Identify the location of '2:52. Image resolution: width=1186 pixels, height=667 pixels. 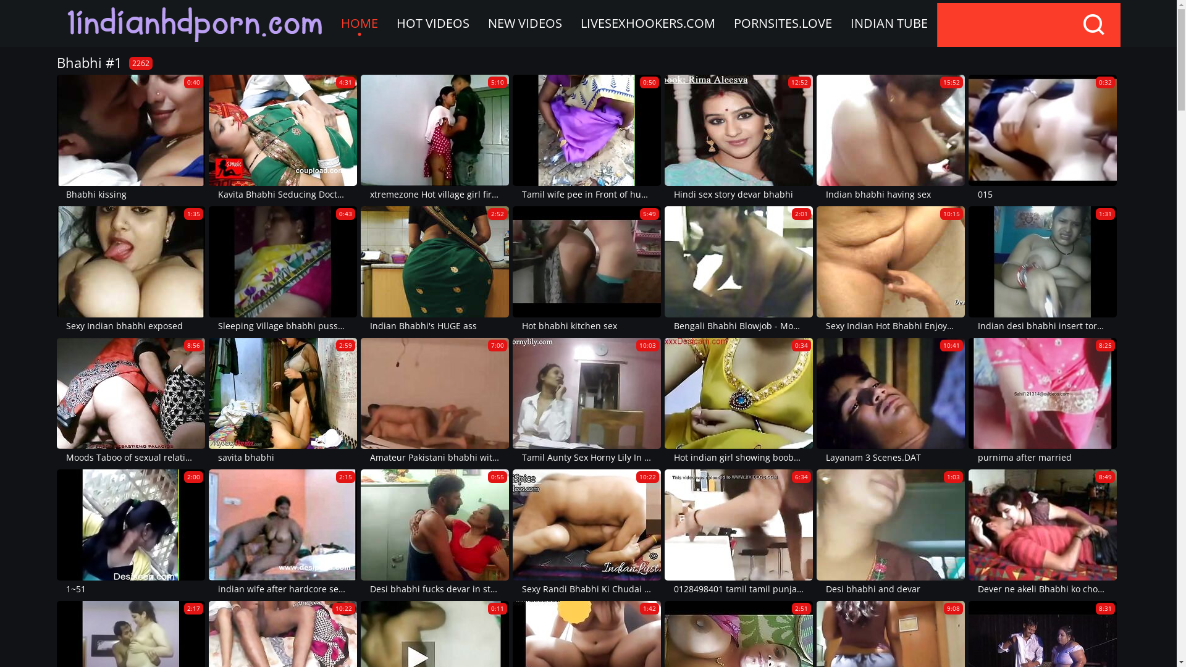
(435, 269).